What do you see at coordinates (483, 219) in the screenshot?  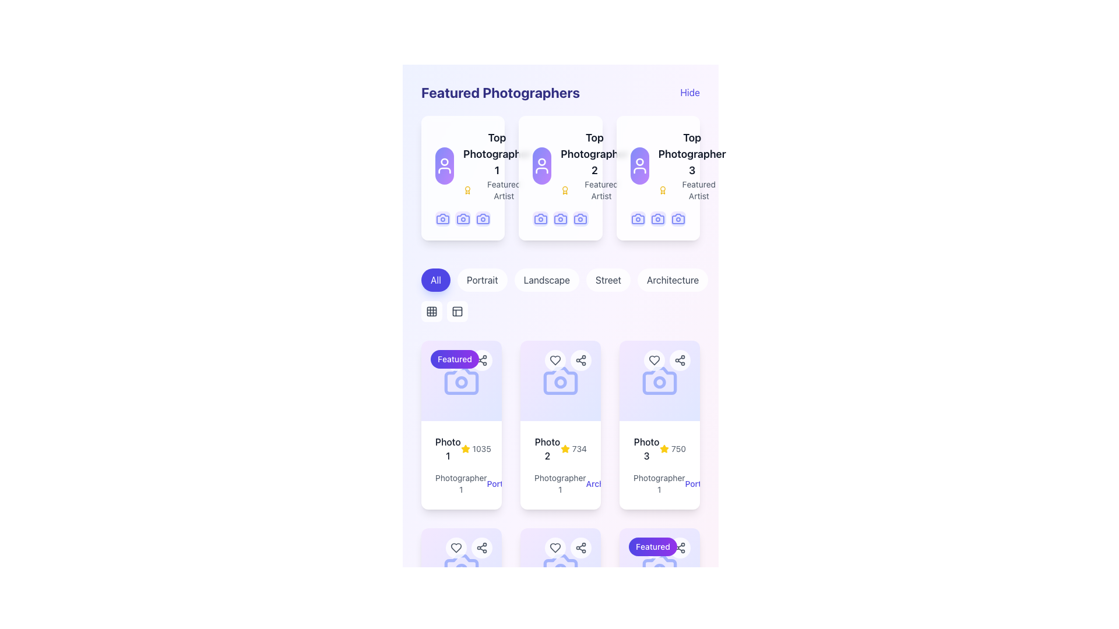 I see `the second icon in the bottom row of icons within the first card in the 'Featured Photographers' section` at bounding box center [483, 219].